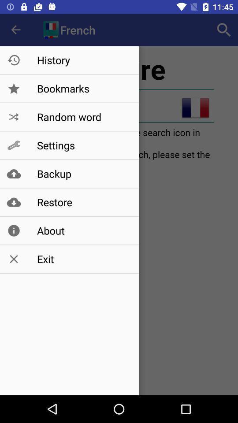 The width and height of the screenshot is (238, 423). What do you see at coordinates (224, 30) in the screenshot?
I see `the item at the top right corner` at bounding box center [224, 30].